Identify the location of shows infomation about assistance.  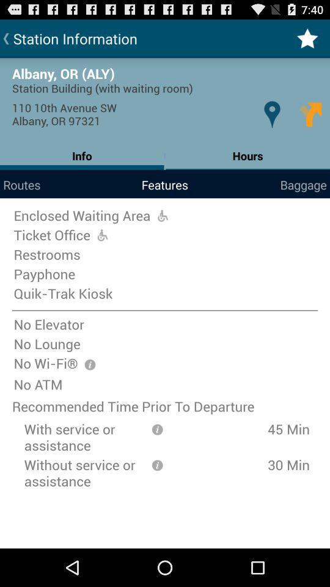
(157, 429).